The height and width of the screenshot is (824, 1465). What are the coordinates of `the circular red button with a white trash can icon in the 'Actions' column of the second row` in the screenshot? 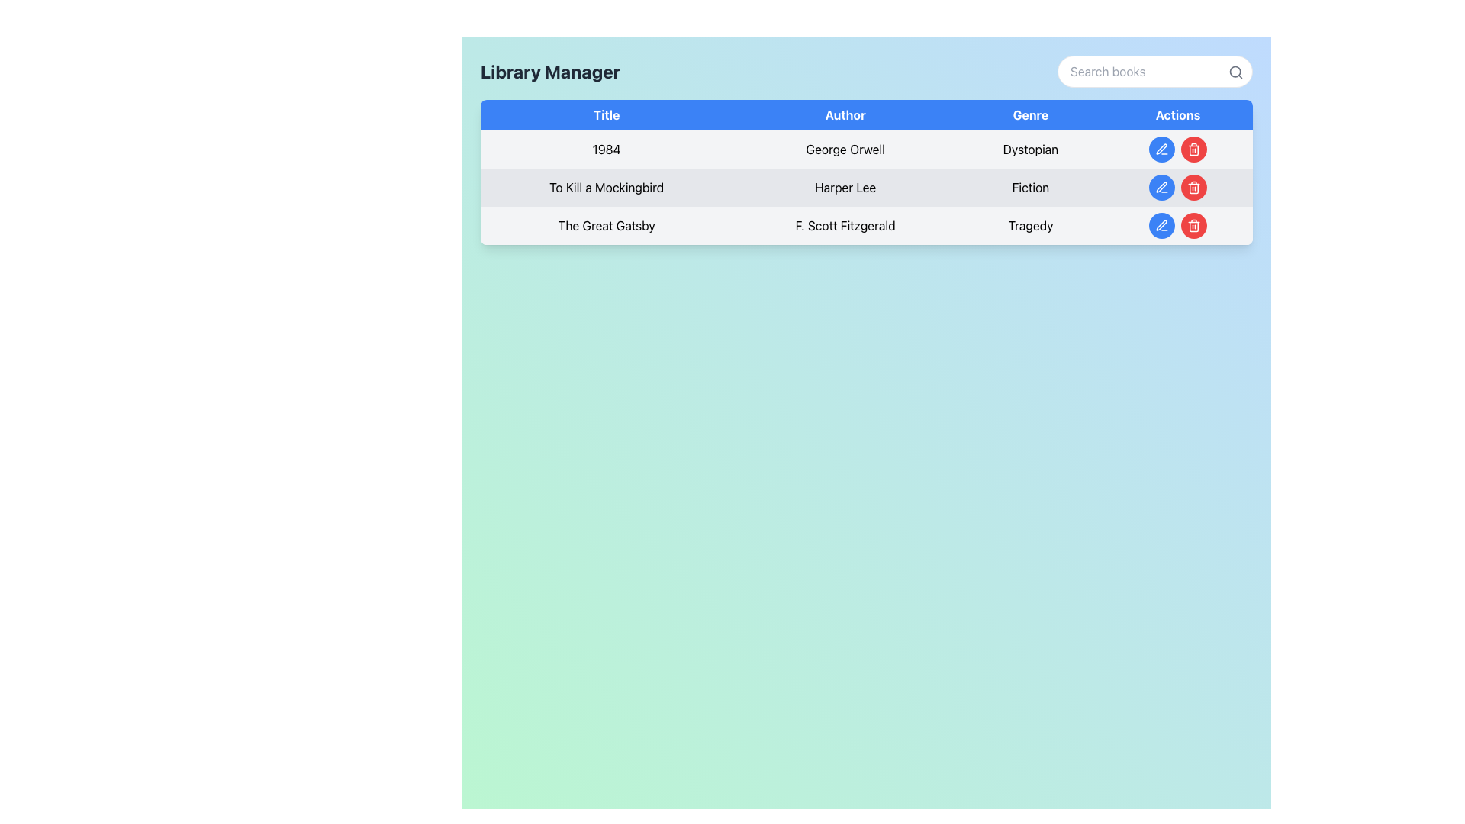 It's located at (1193, 187).